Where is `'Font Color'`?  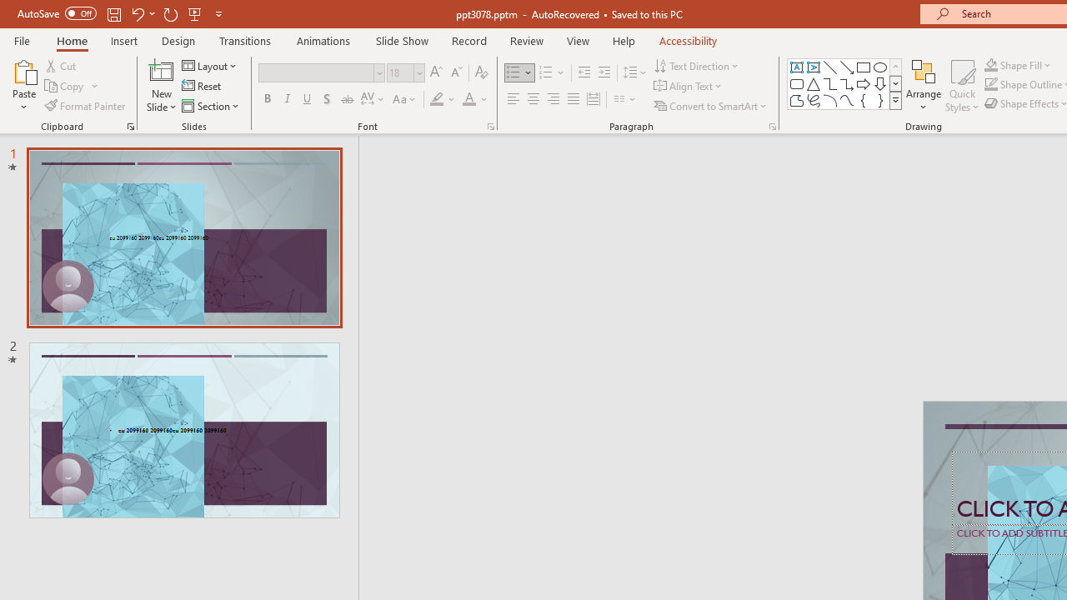
'Font Color' is located at coordinates (474, 99).